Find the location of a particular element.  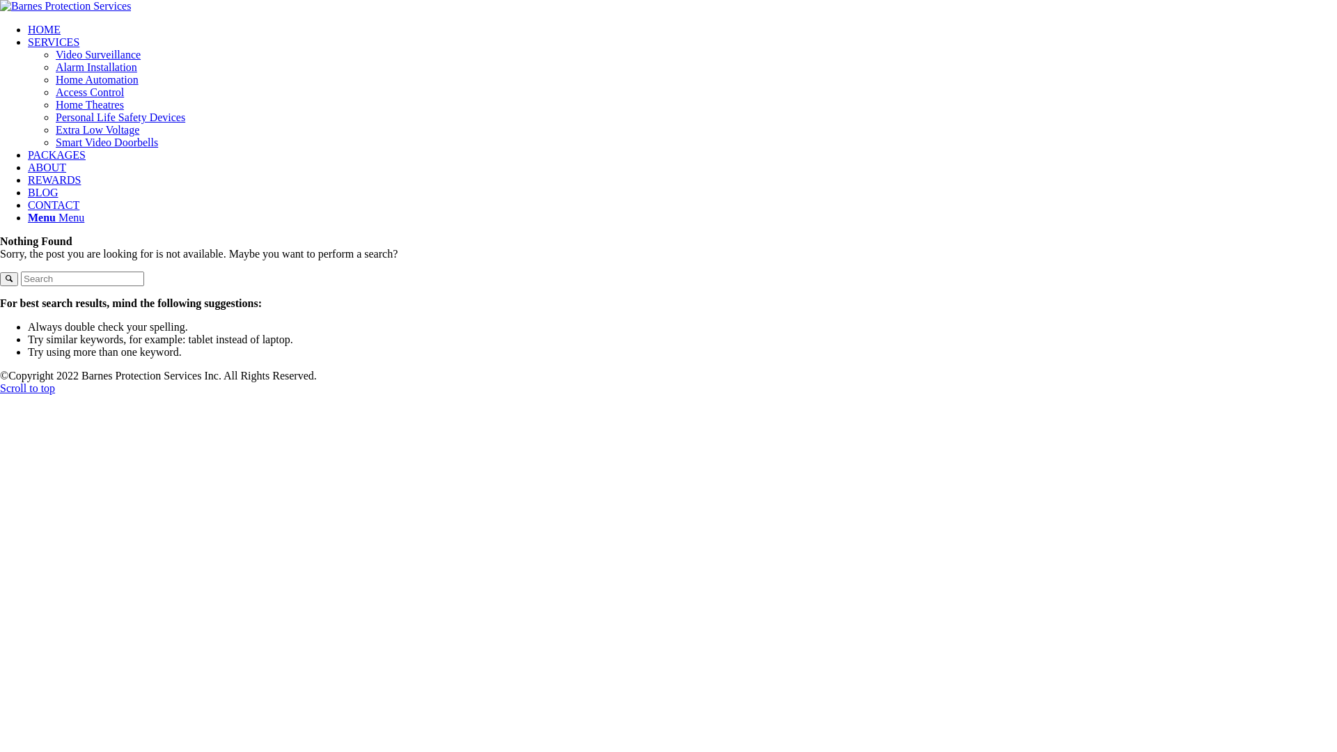

'CONTACT' is located at coordinates (53, 205).